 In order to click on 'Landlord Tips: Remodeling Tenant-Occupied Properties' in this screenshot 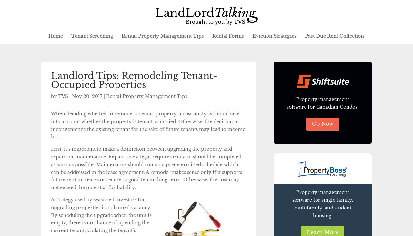, I will do `click(134, 80)`.